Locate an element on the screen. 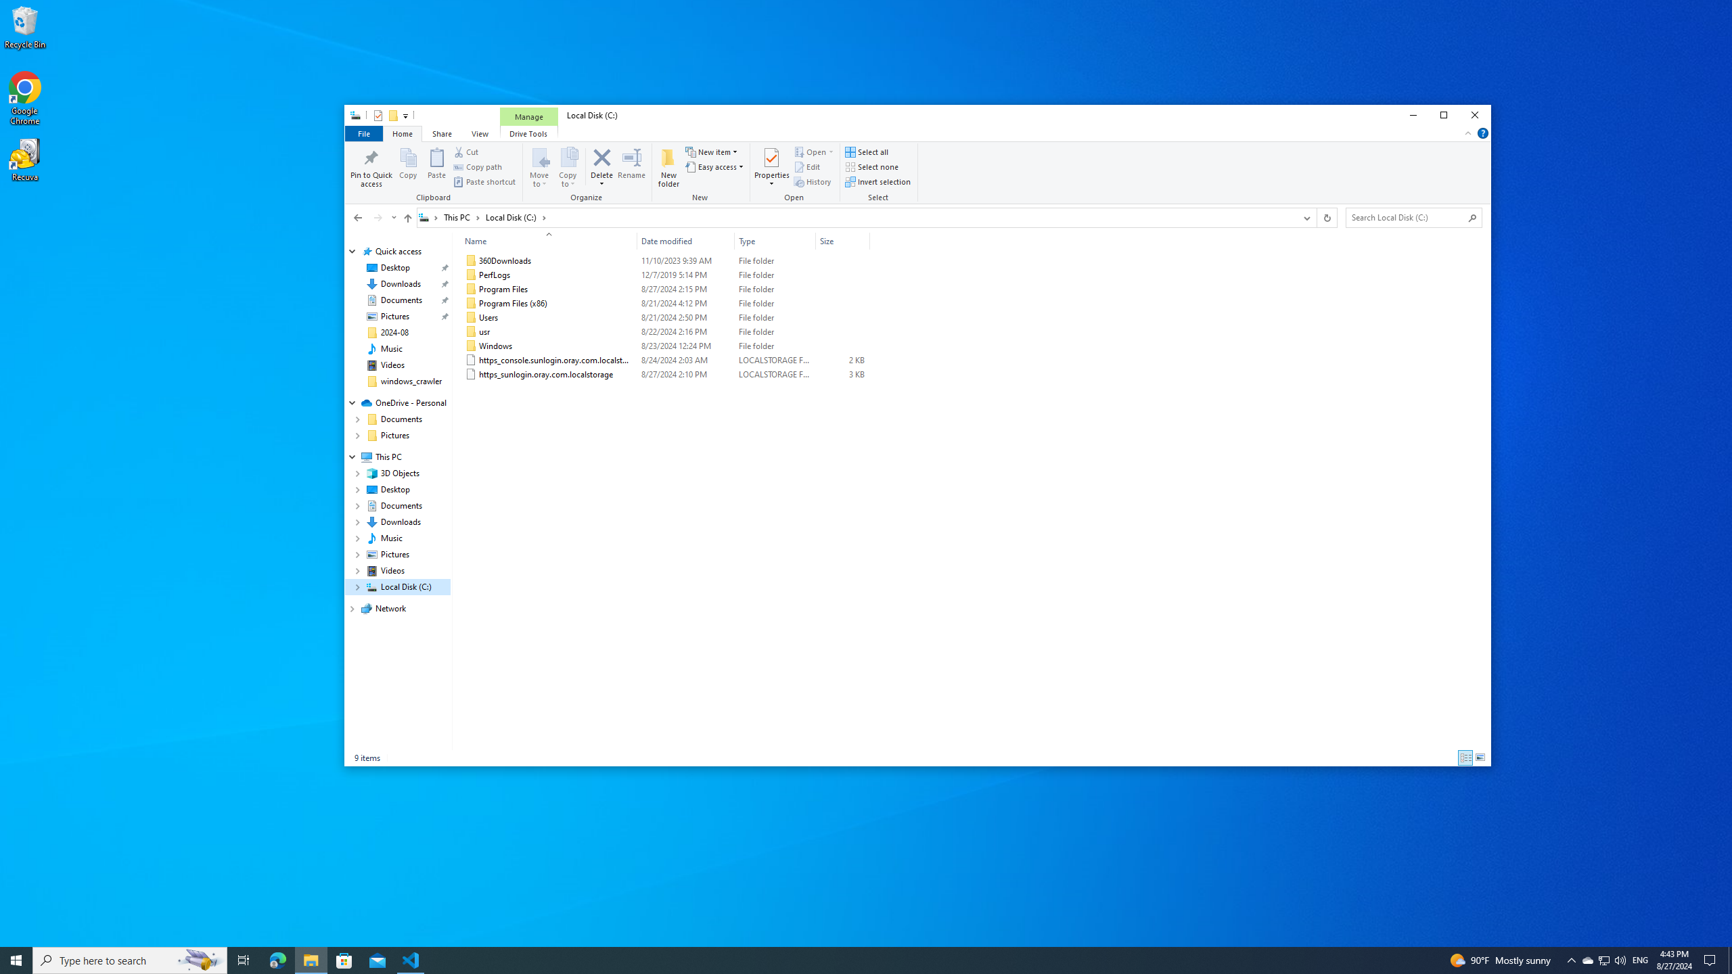 The image size is (1732, 974). 'Task View' is located at coordinates (242, 959).